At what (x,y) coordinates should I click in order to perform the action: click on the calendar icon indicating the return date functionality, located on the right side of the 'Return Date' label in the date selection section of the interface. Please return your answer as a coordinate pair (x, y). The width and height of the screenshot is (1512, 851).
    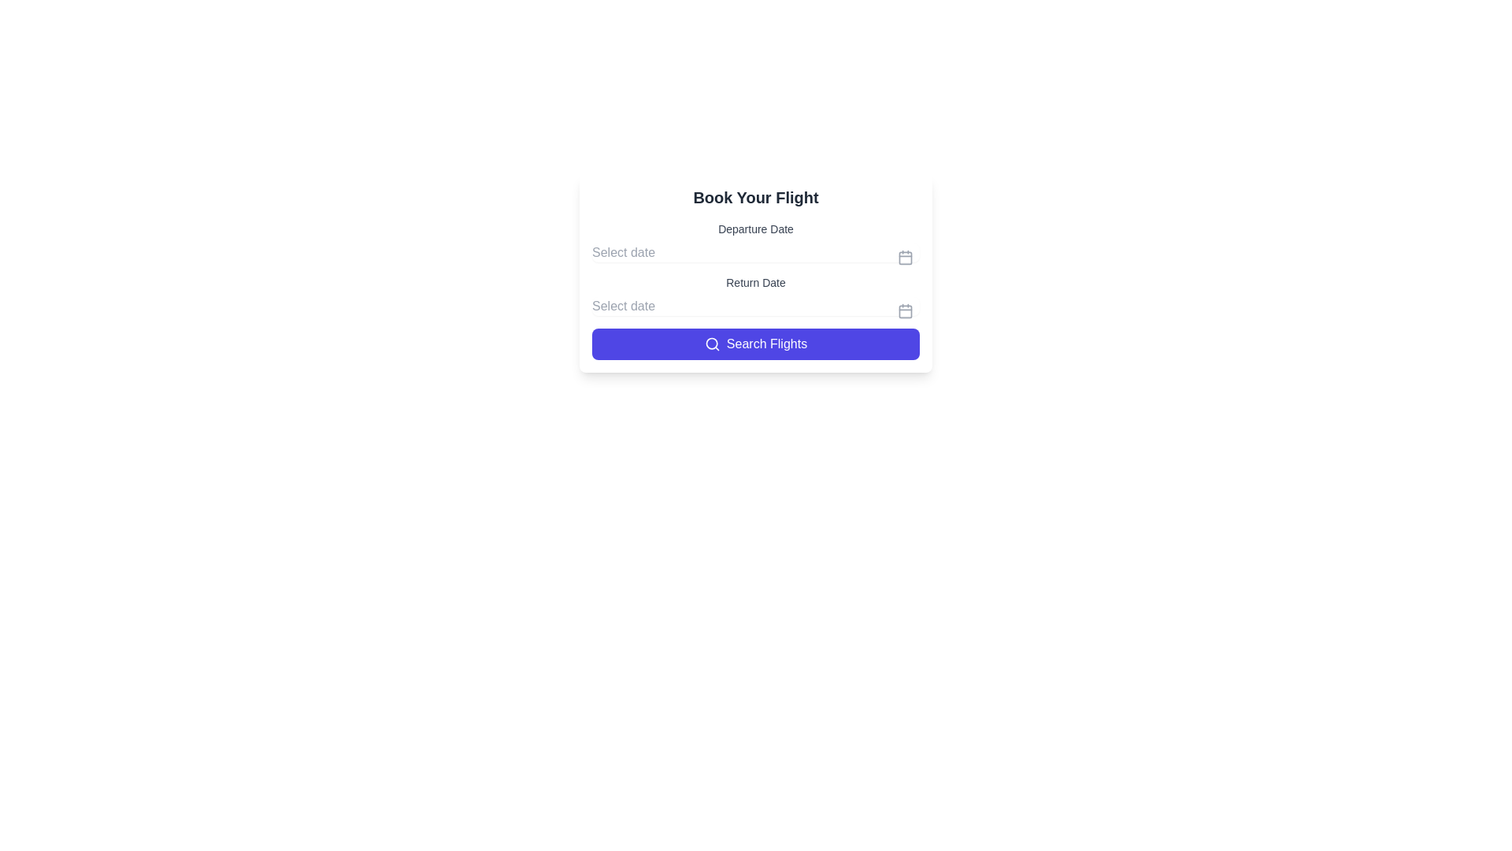
    Looking at the image, I should click on (906, 310).